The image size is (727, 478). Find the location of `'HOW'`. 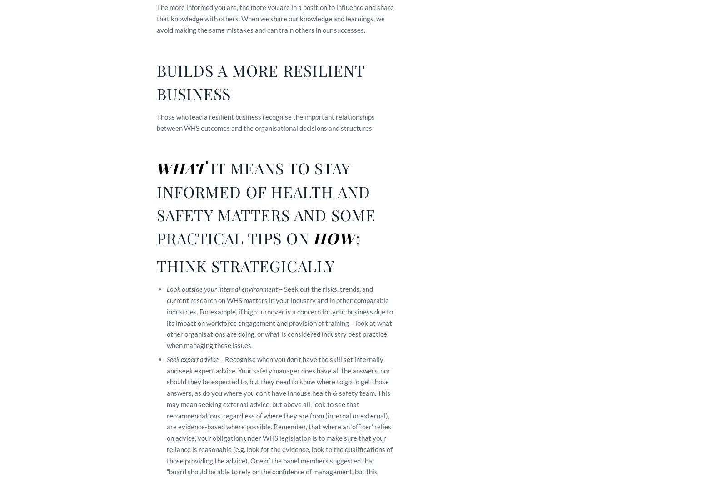

'HOW' is located at coordinates (334, 238).